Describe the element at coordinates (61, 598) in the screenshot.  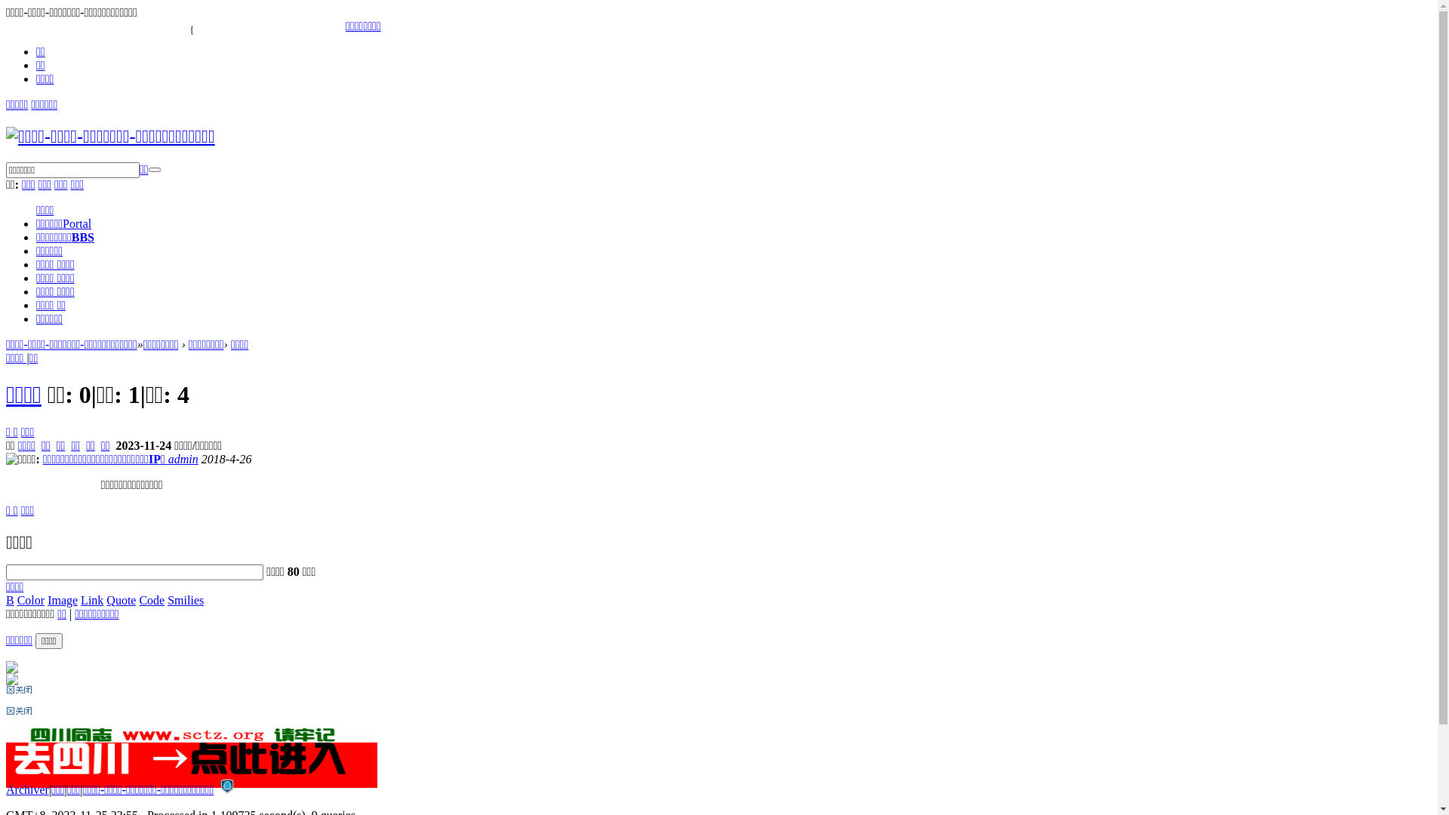
I see `'Image'` at that location.